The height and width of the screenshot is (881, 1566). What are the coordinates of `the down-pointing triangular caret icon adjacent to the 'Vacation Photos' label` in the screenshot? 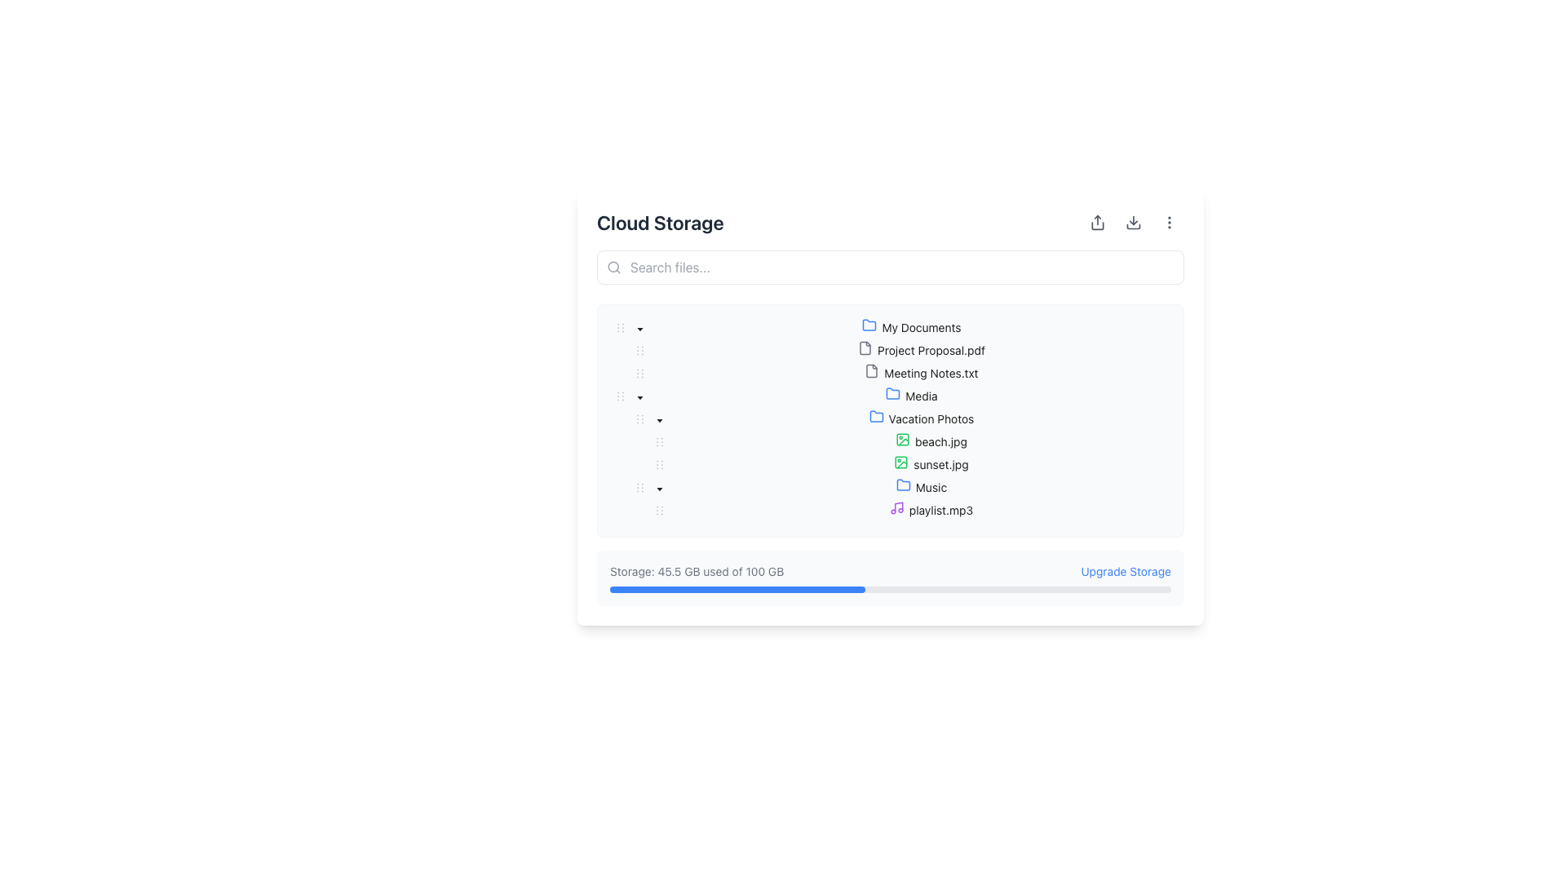 It's located at (660, 418).